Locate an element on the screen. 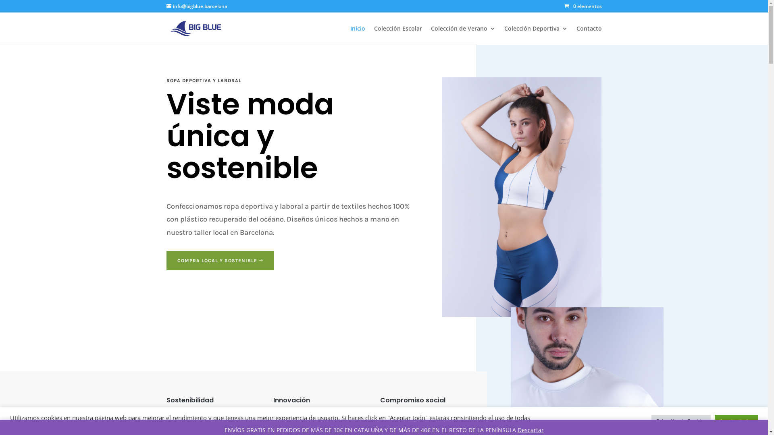 The height and width of the screenshot is (435, 774). 'Inicio' is located at coordinates (357, 35).